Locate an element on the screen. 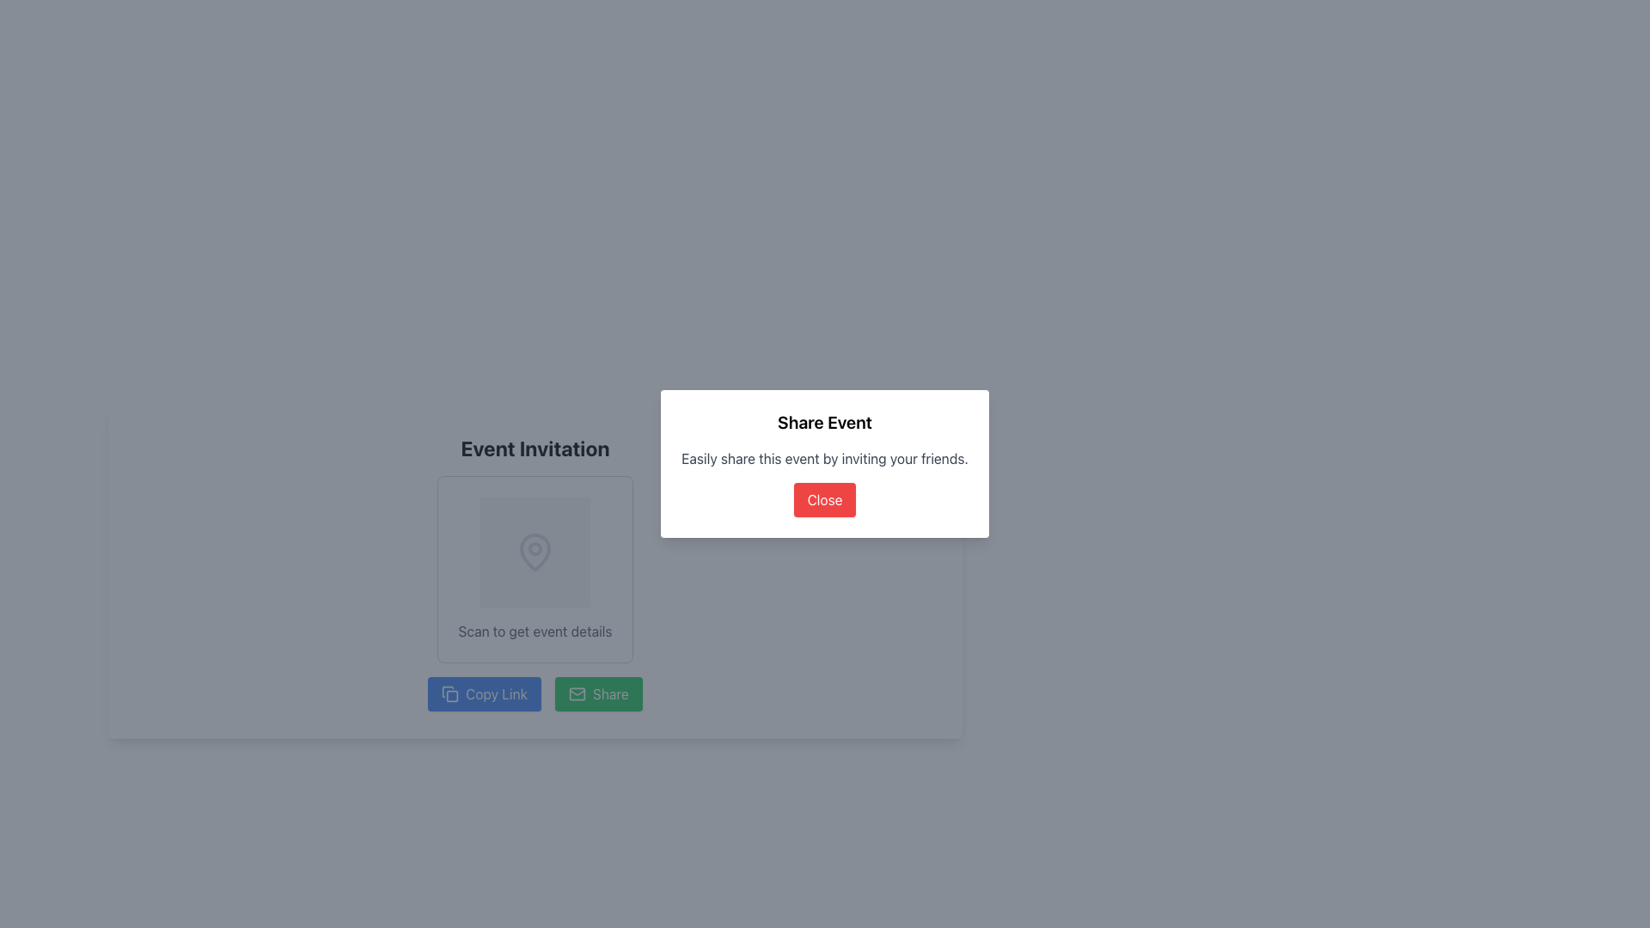 The image size is (1650, 928). the envelope-shaped icon located inside the green 'Share' button is located at coordinates (577, 693).